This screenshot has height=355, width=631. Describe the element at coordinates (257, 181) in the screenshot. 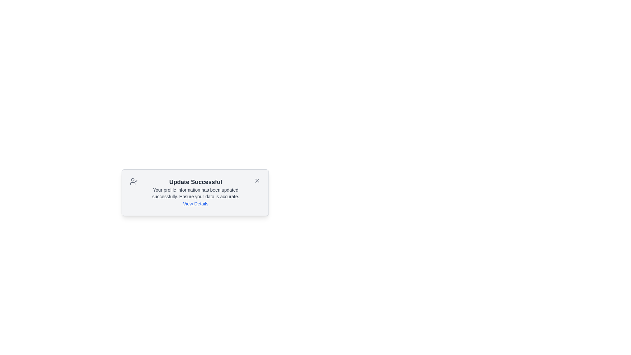

I see `the close button to observe its hover effect` at that location.